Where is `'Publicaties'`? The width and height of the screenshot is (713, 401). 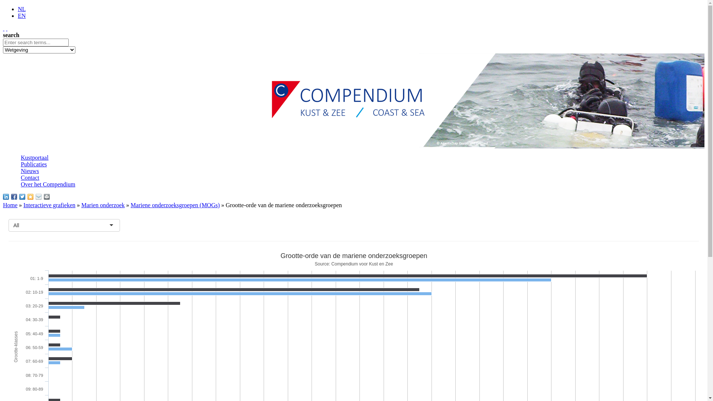
'Publicaties' is located at coordinates (33, 164).